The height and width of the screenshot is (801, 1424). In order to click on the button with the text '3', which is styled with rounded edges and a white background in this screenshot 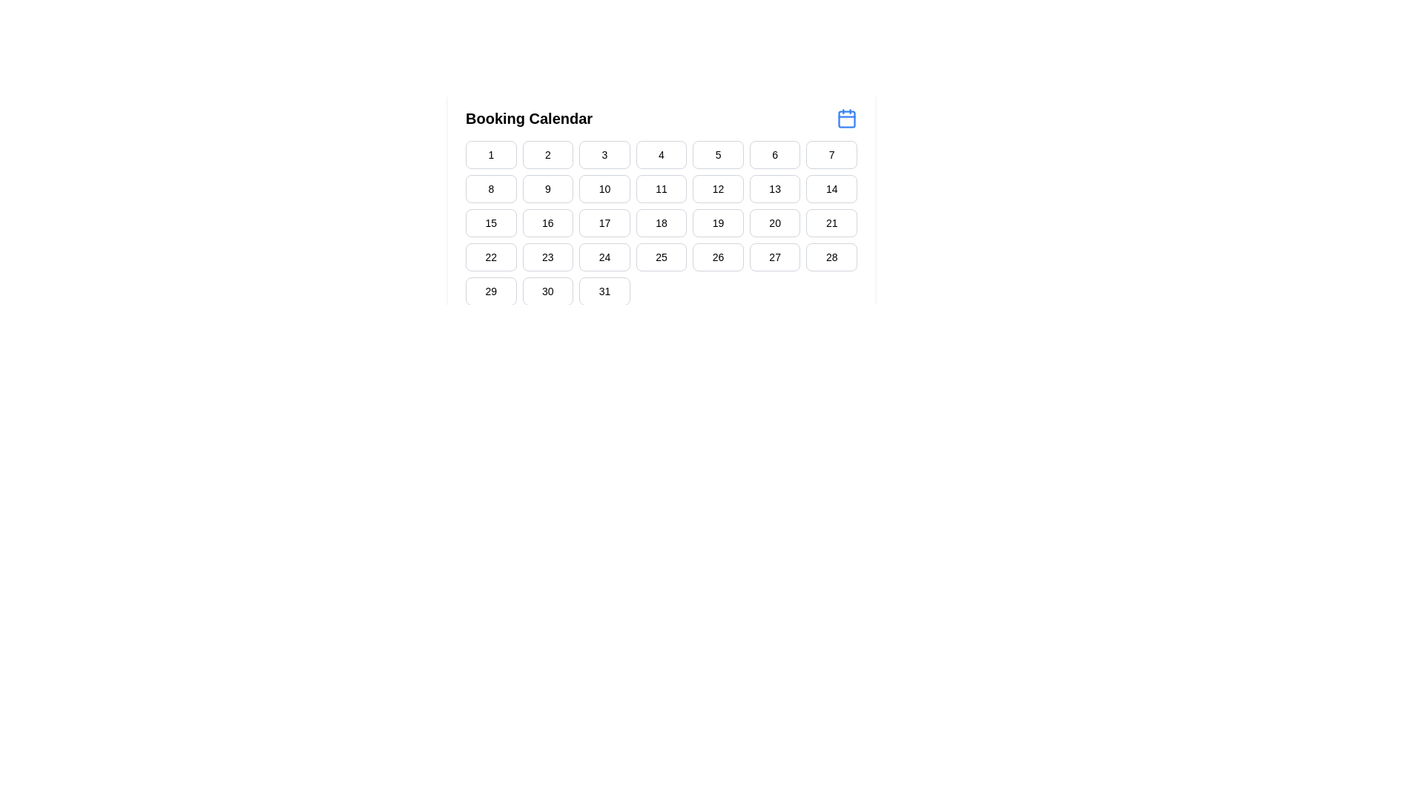, I will do `click(604, 154)`.